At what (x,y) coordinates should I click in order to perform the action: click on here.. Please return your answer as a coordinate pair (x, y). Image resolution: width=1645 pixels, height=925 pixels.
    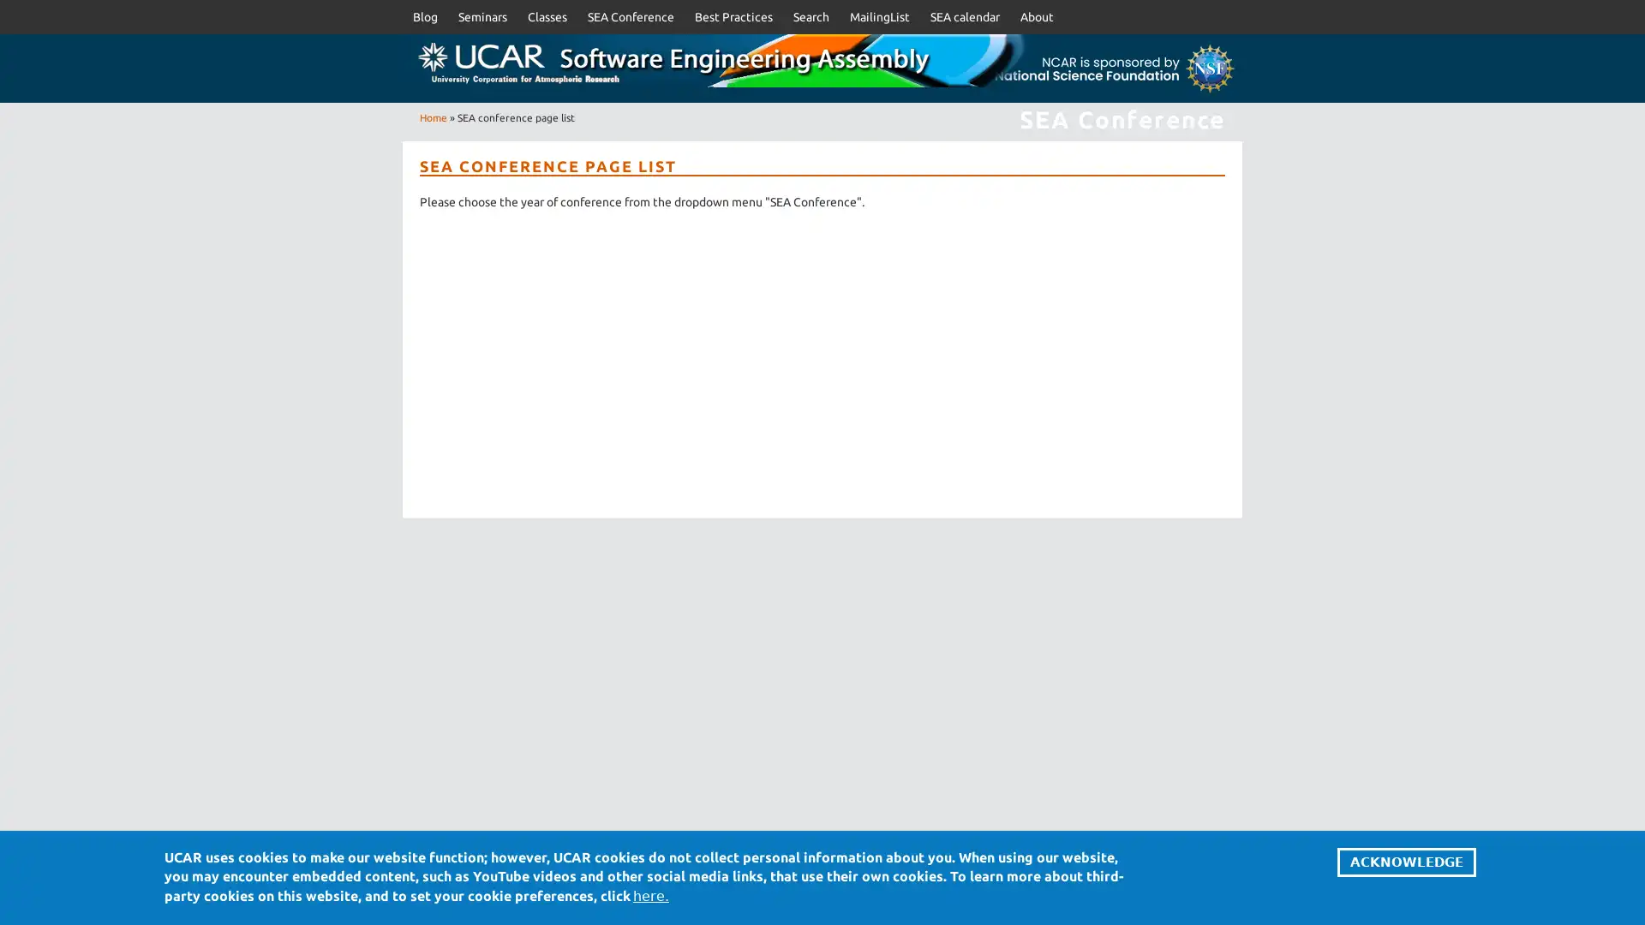
    Looking at the image, I should click on (649, 894).